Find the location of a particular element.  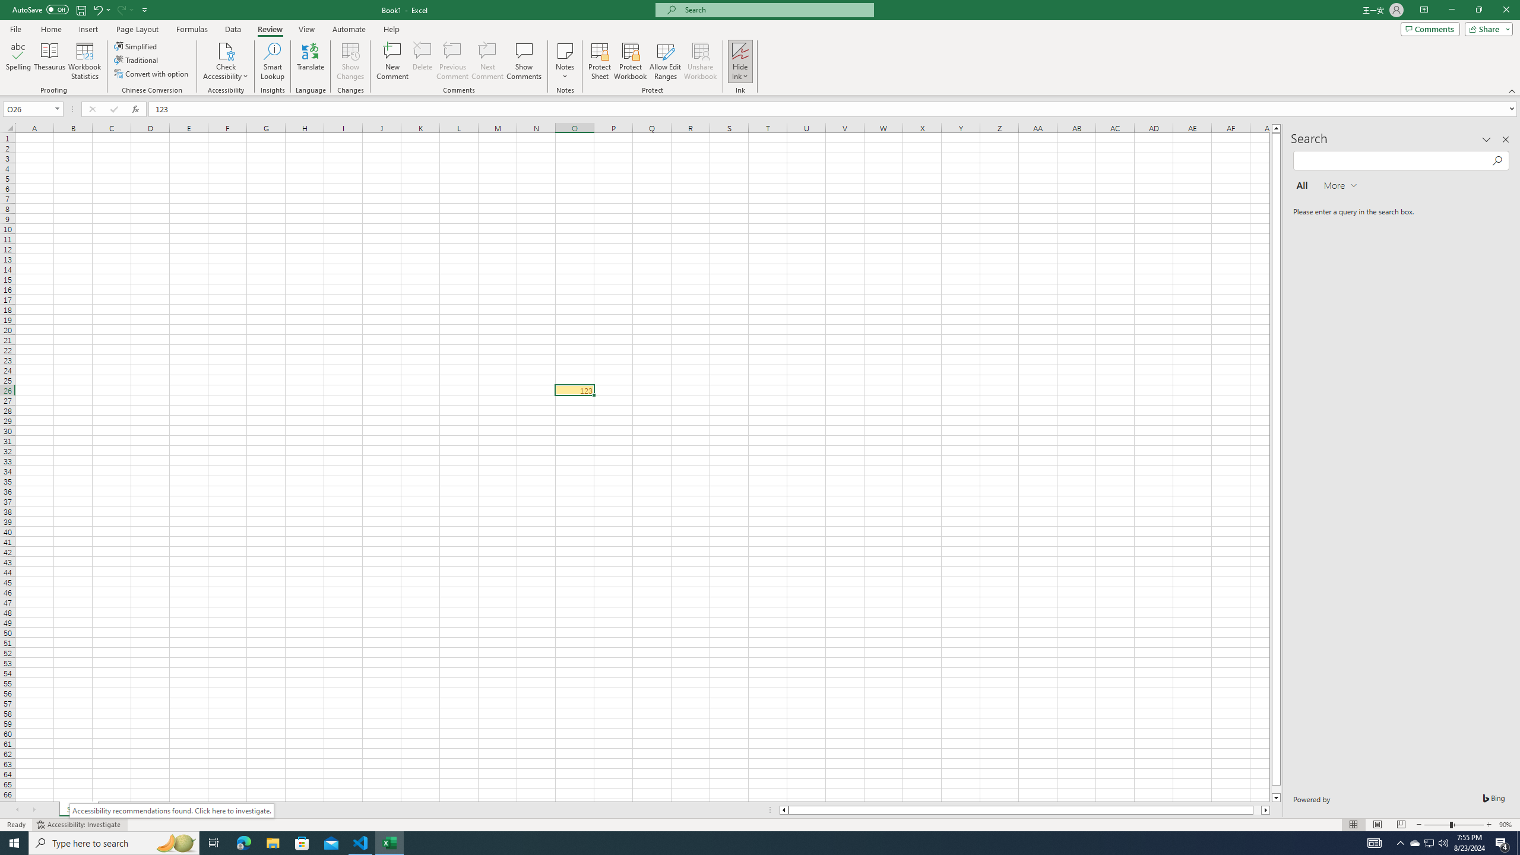

'Allow Edit Ranges' is located at coordinates (666, 61).